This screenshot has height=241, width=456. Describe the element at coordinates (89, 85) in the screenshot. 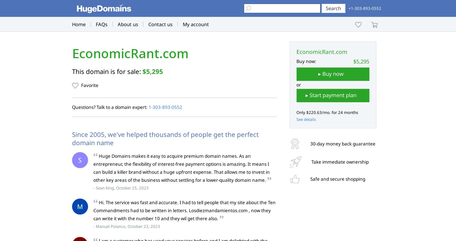

I see `'Favorite'` at that location.